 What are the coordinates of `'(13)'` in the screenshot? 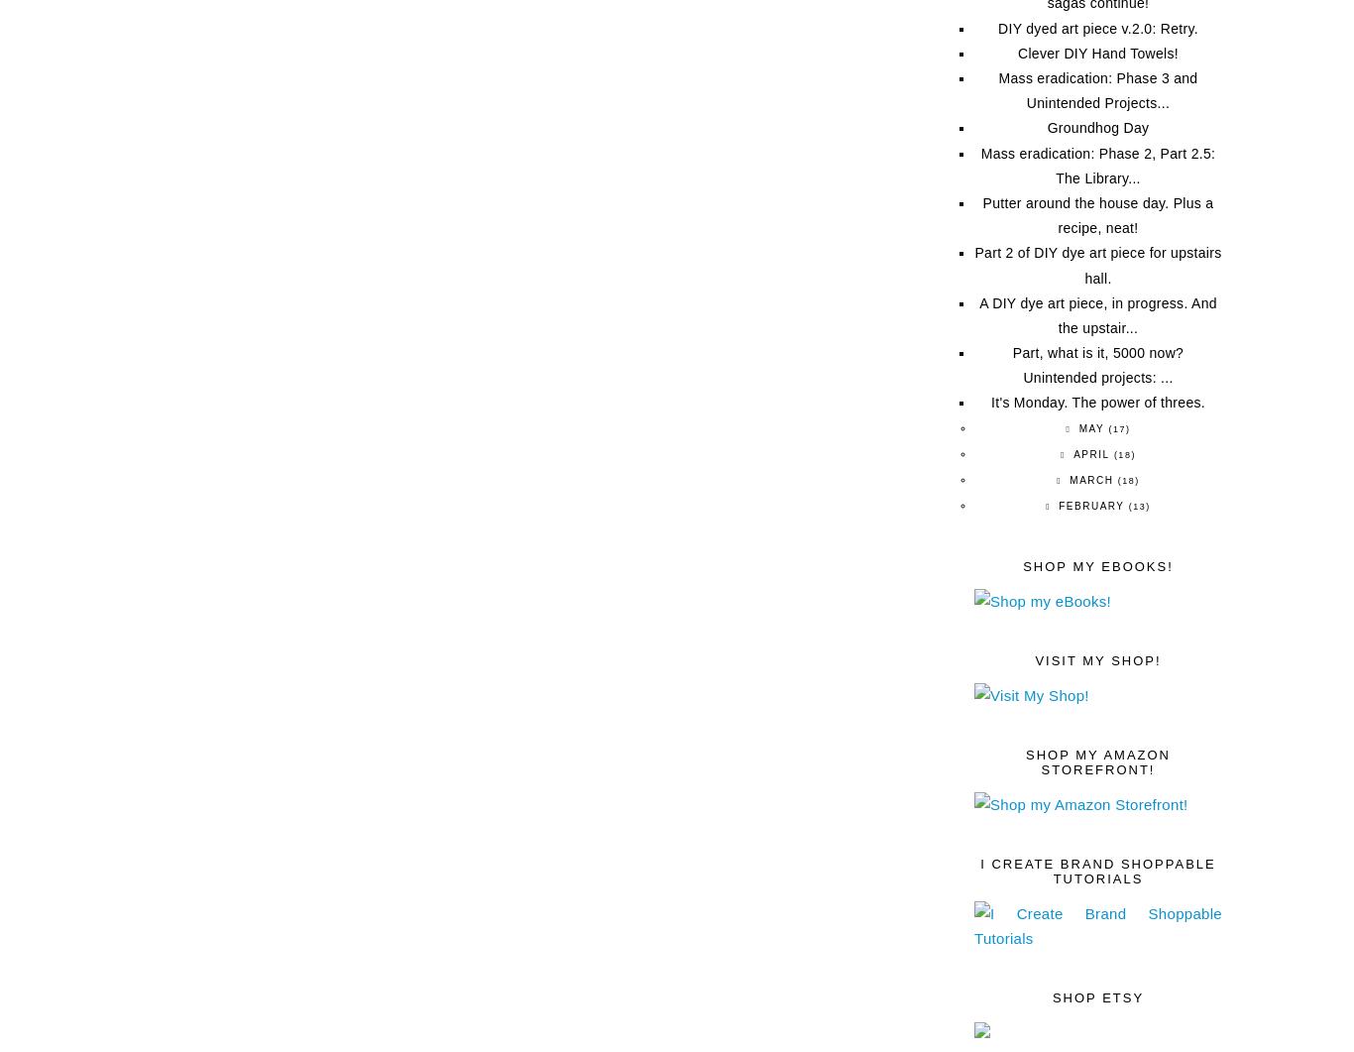 It's located at (1127, 506).